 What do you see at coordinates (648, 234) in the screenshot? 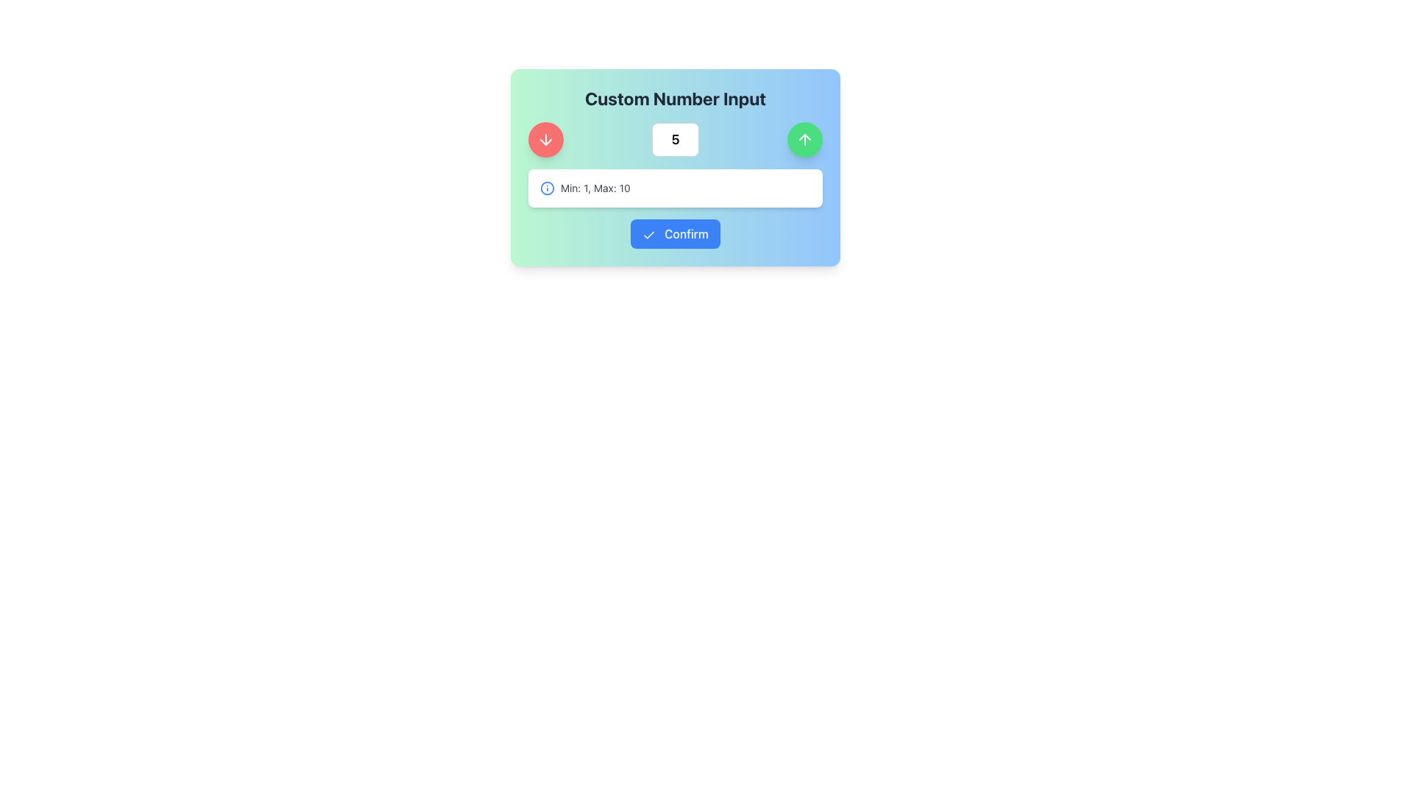
I see `the confirmation icon located within the blue 'Confirm' button to indicate a successful input action` at bounding box center [648, 234].